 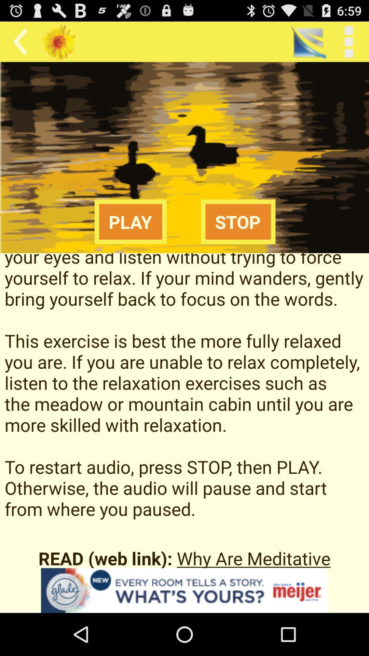 I want to click on the advertisement, so click(x=184, y=590).